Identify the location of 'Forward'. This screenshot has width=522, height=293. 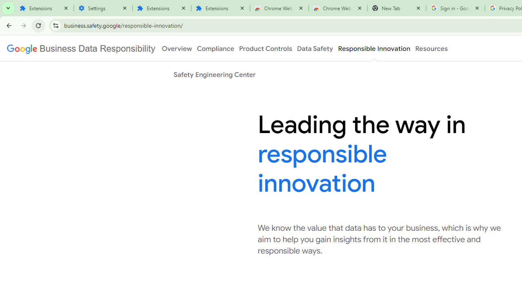
(24, 25).